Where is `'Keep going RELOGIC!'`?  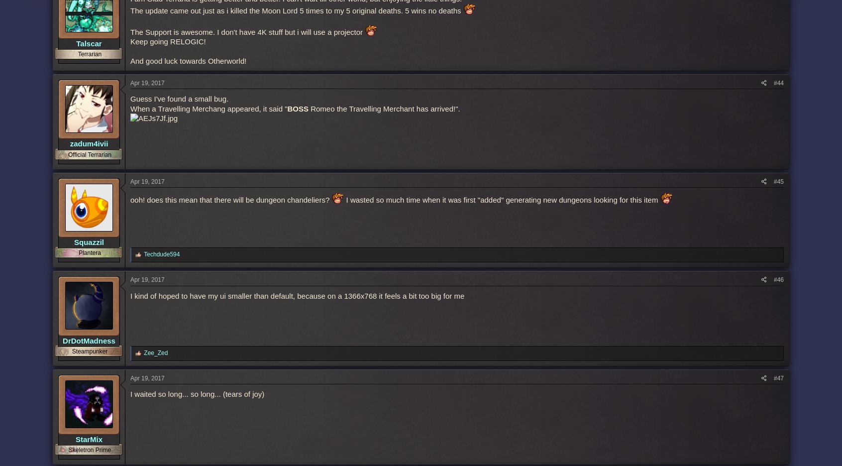 'Keep going RELOGIC!' is located at coordinates (167, 41).